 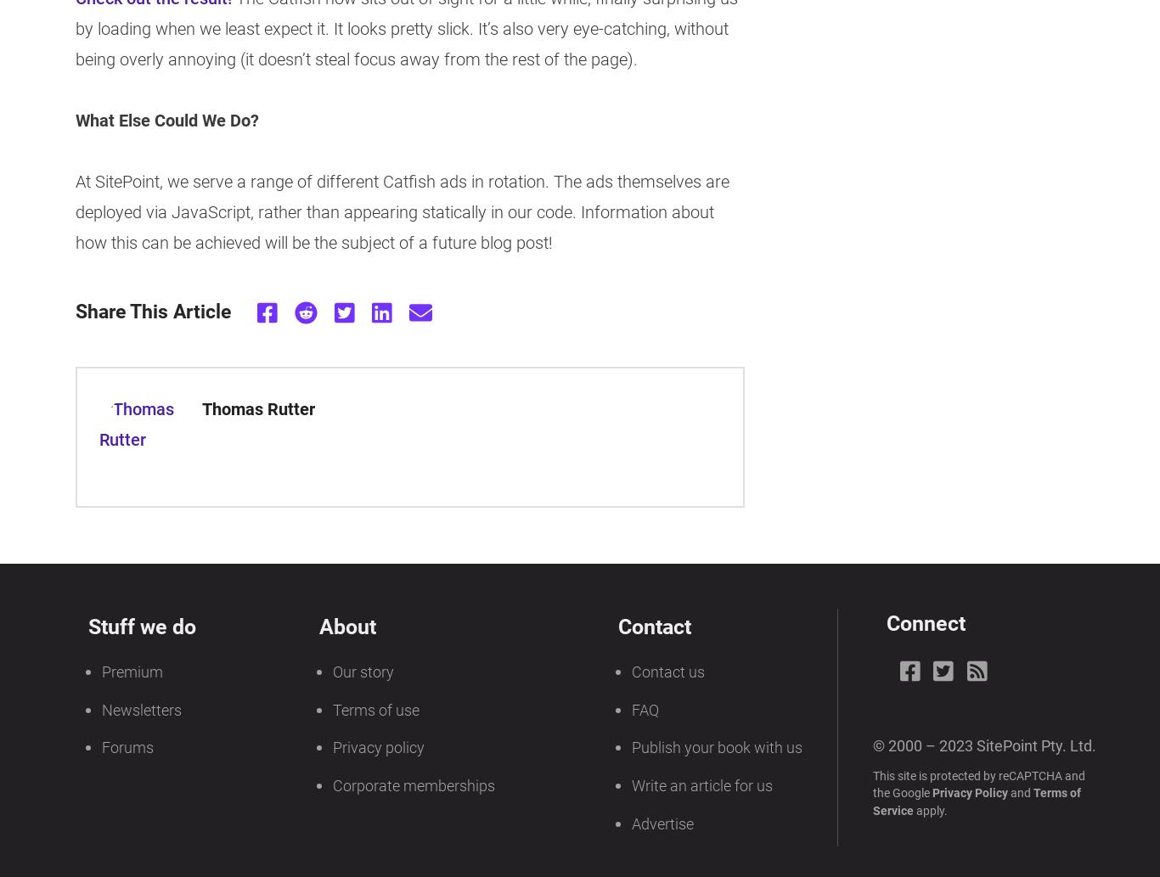 What do you see at coordinates (152, 311) in the screenshot?
I see `'Share This Article'` at bounding box center [152, 311].